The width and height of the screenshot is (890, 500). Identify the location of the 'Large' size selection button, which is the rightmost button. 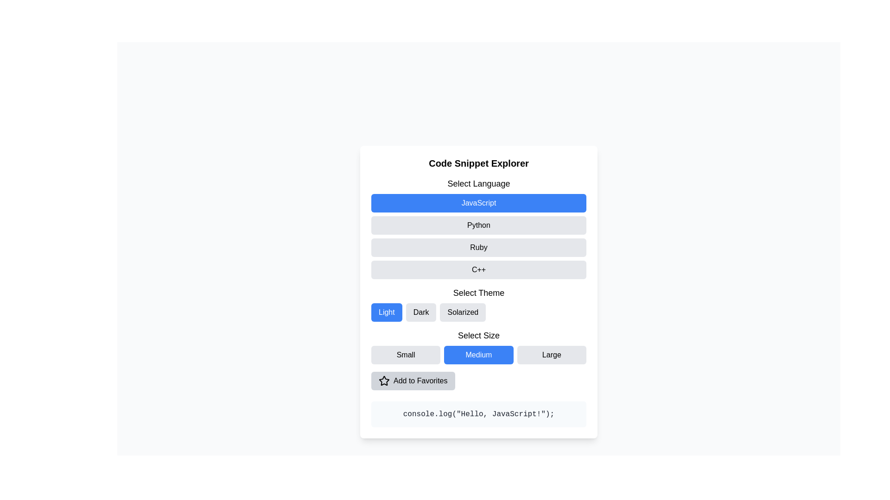
(552, 355).